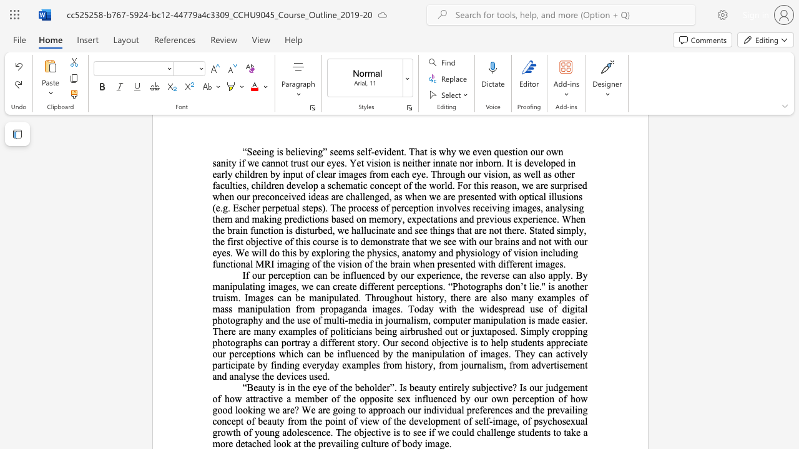 The image size is (799, 449). Describe the element at coordinates (290, 421) in the screenshot. I see `the space between the continuous character "f" and "r" in the text` at that location.